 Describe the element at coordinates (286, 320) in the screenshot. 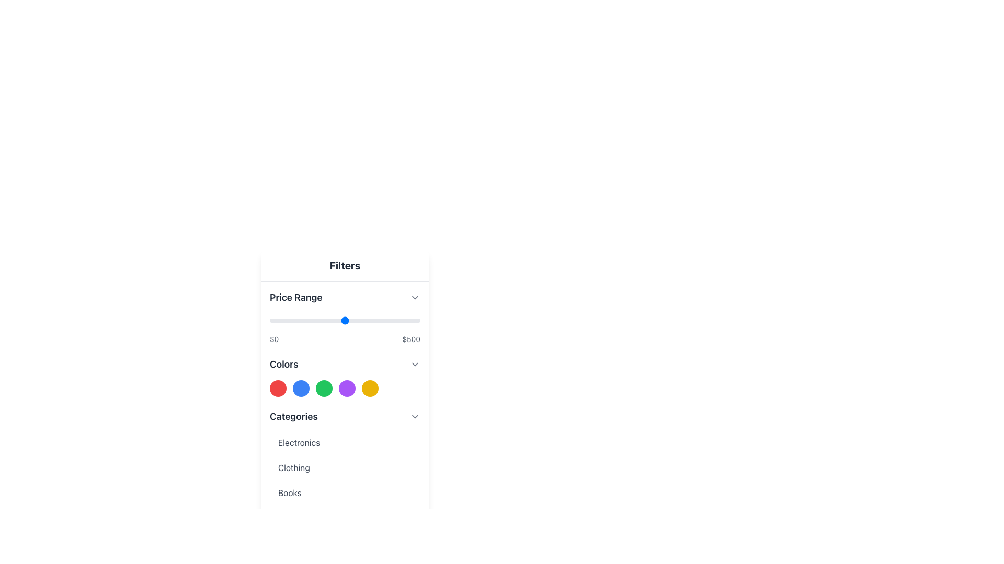

I see `the price range slider` at that location.